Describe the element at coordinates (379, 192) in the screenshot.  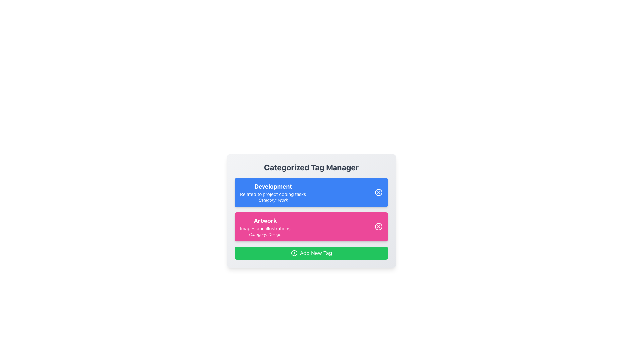
I see `the button in the top-right corner of the 'Development' section` at that location.